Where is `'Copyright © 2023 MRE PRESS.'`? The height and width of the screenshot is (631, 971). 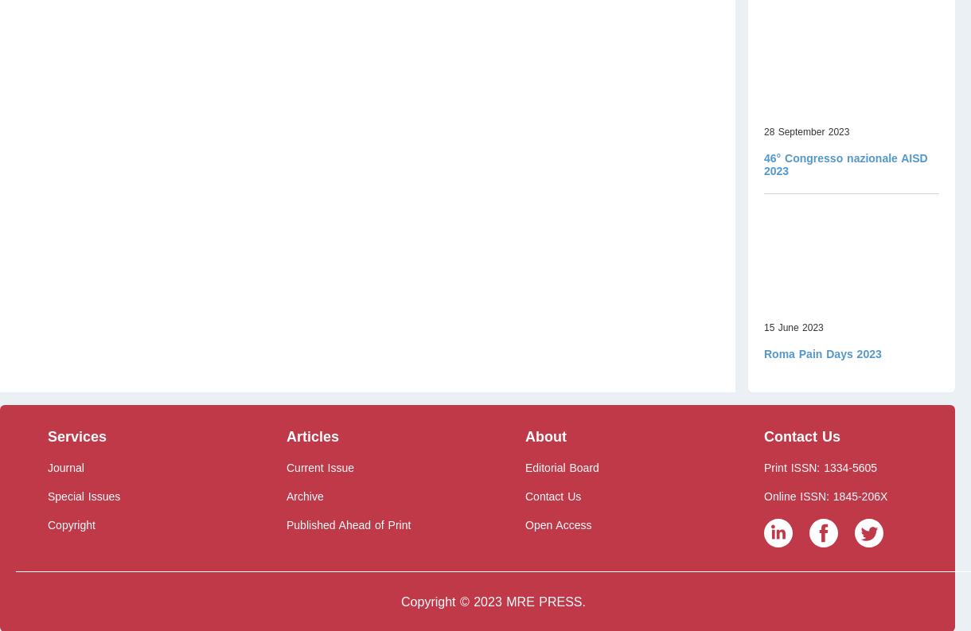
'Copyright © 2023 MRE PRESS.' is located at coordinates (493, 602).